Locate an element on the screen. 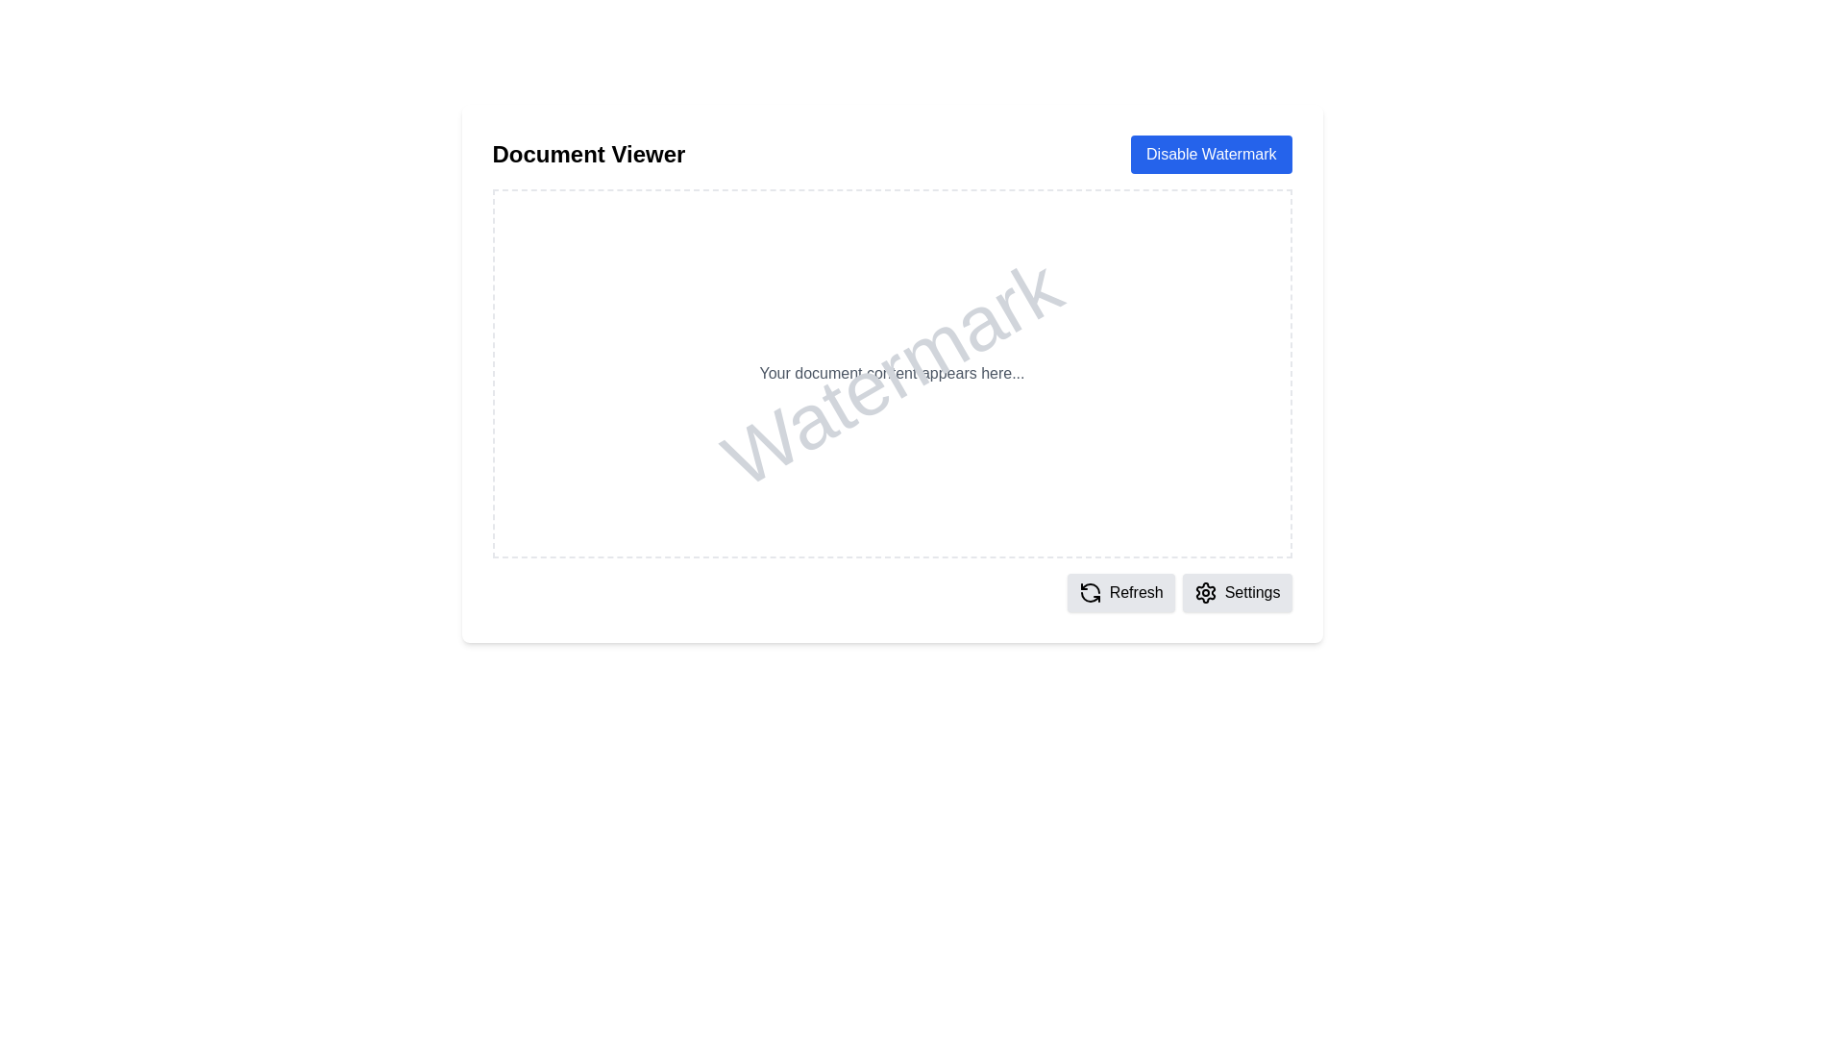  the refresh icon located at the far-left end of the 'Refresh' button is located at coordinates (1090, 592).